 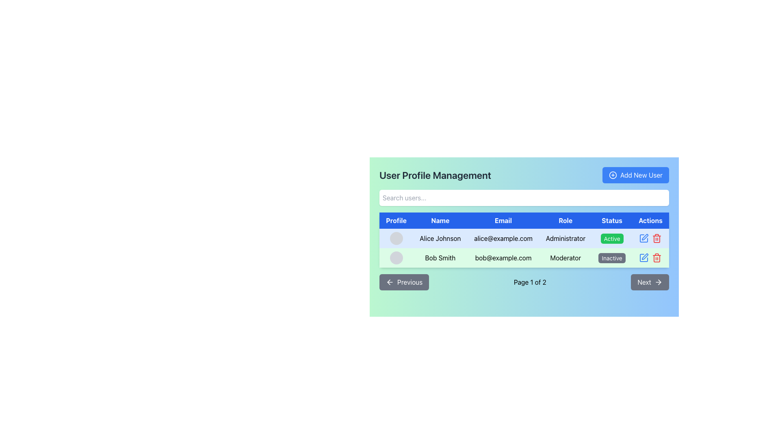 What do you see at coordinates (524, 248) in the screenshot?
I see `the user record row for Bob Smith in the User Profile Management interface` at bounding box center [524, 248].